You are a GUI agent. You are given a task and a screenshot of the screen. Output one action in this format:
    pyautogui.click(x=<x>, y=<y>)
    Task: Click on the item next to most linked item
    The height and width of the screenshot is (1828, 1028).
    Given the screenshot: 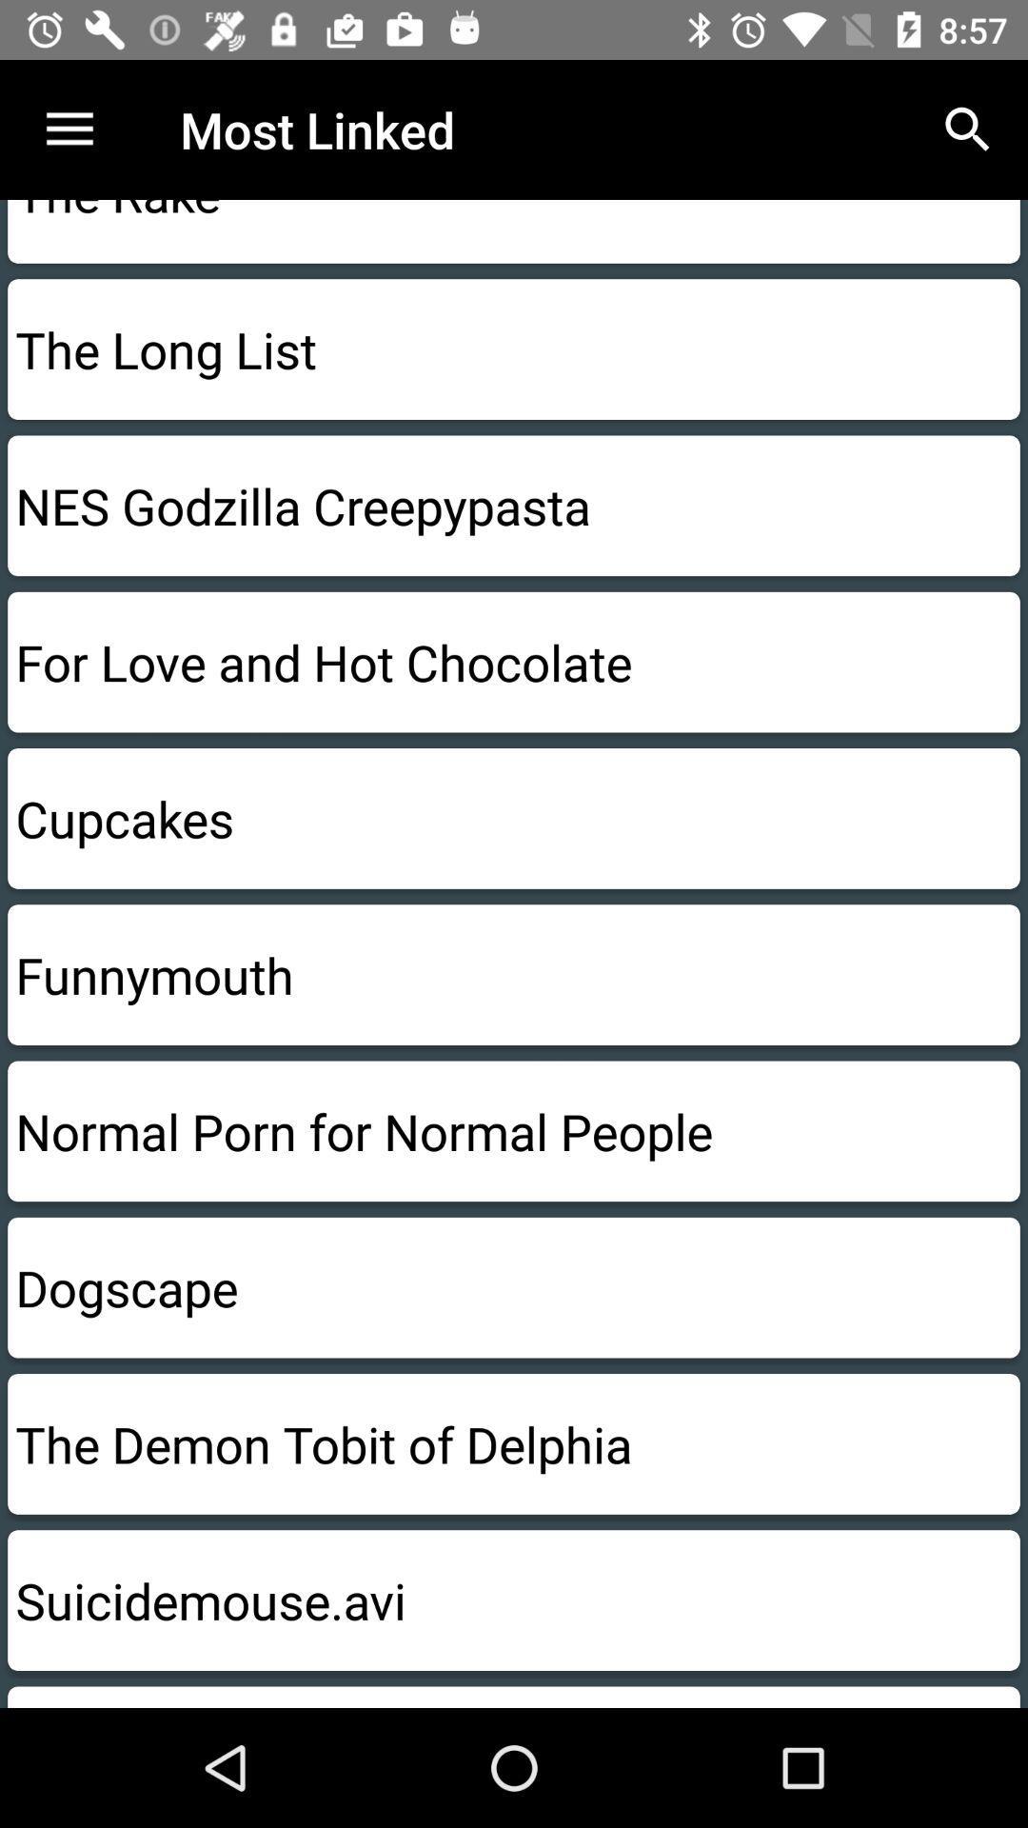 What is the action you would take?
    pyautogui.click(x=968, y=129)
    